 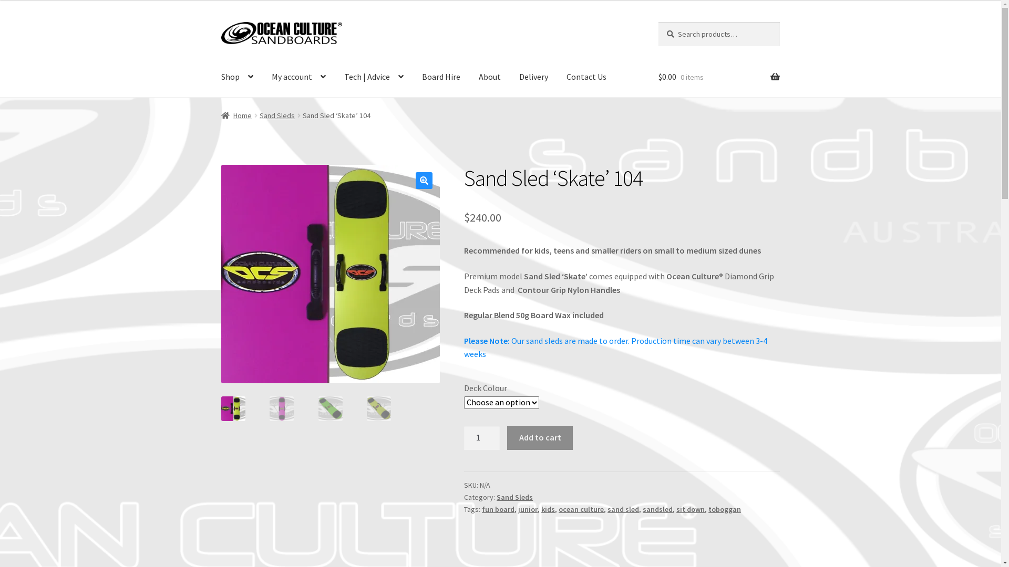 I want to click on 'junior', so click(x=528, y=508).